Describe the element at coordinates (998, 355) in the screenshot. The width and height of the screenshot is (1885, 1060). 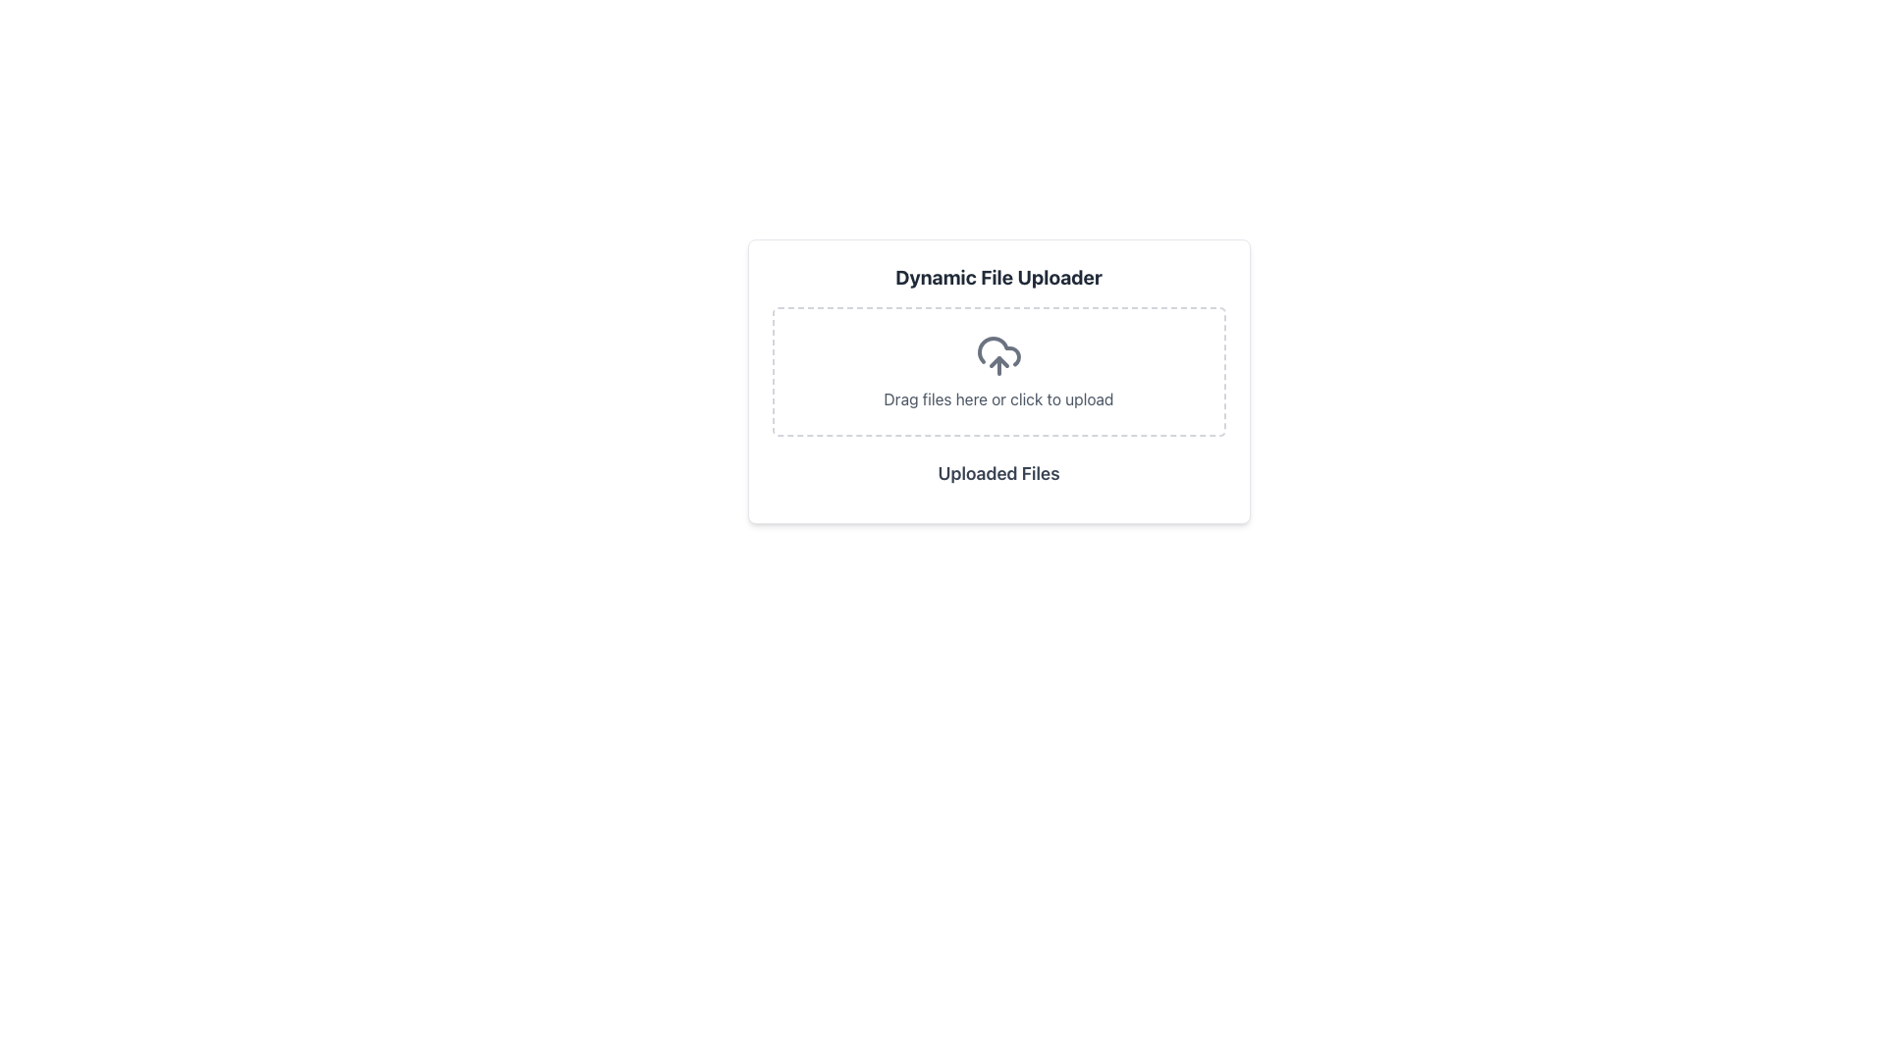
I see `the upload action indicator icon, which is centrally located within a dashed-border rectangle that contains the text 'Drag files here or click to upload'` at that location.